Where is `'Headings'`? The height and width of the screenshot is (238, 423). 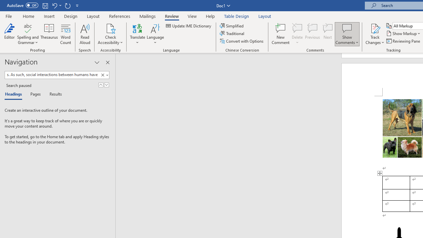 'Headings' is located at coordinates (15, 95).